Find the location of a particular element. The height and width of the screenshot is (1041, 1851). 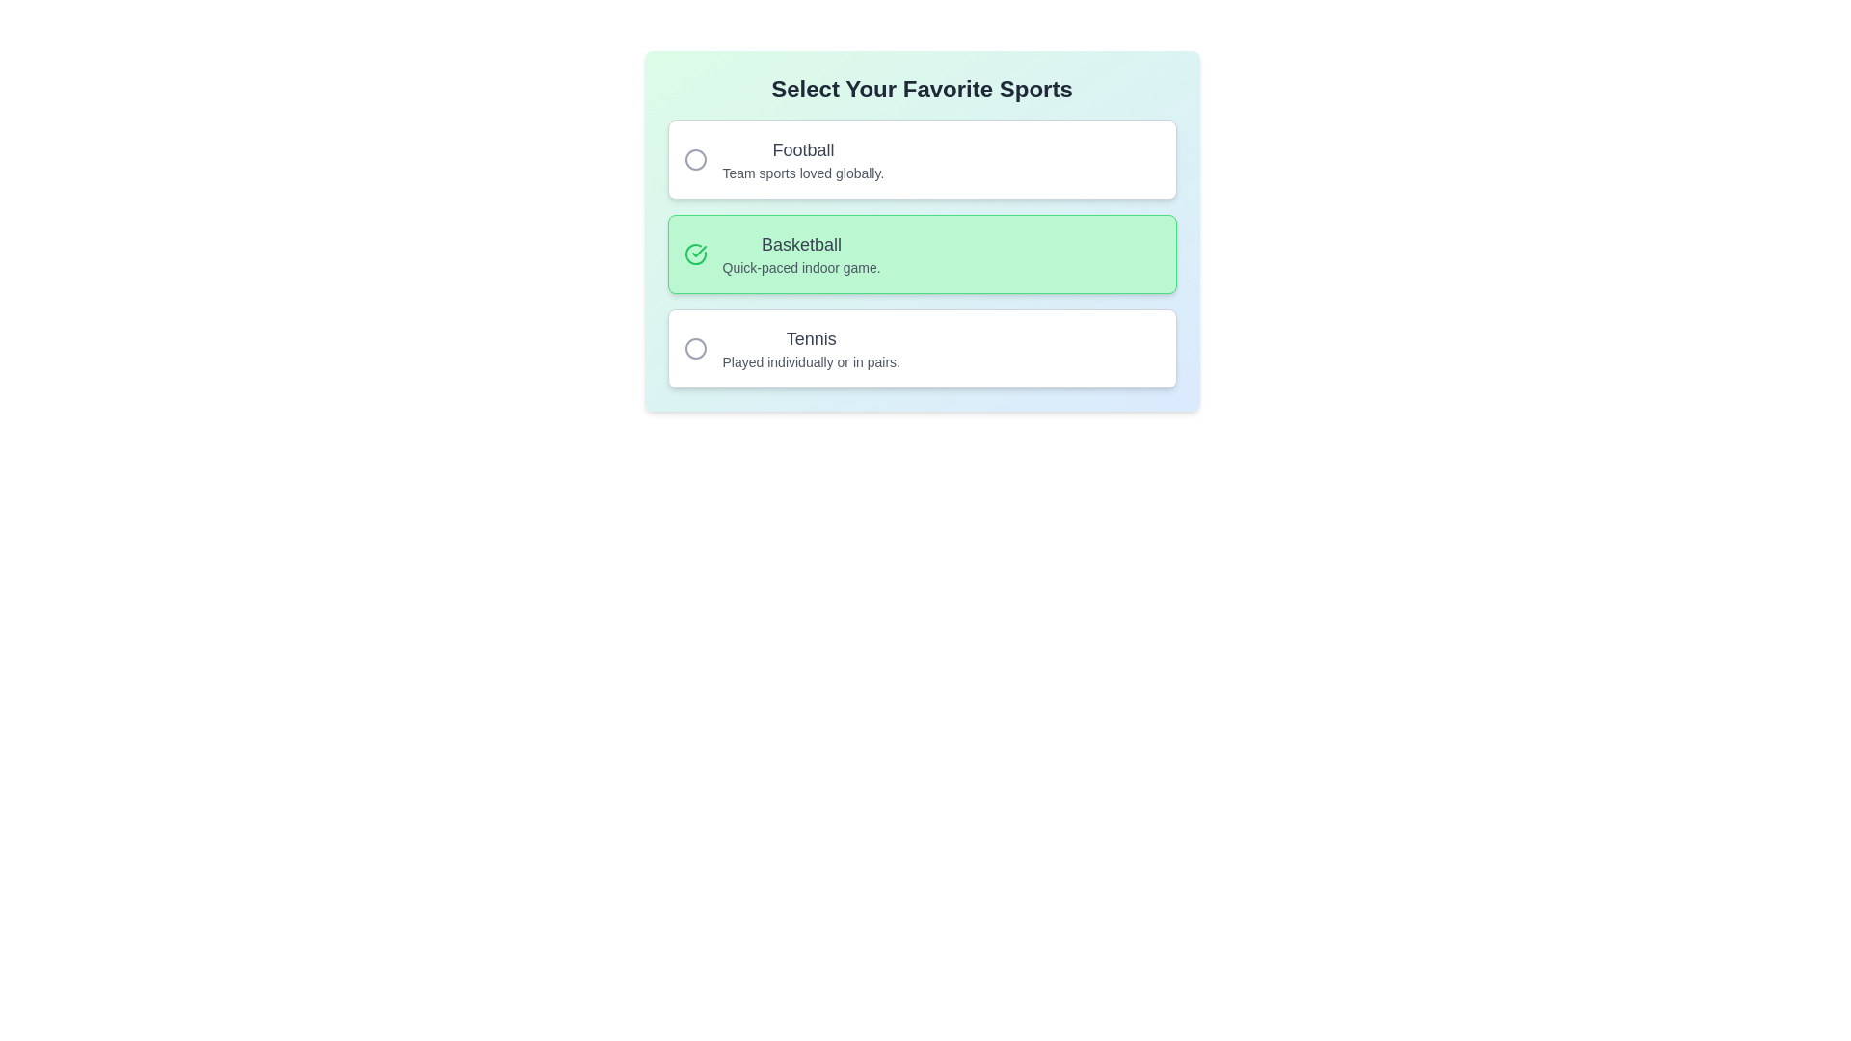

the unselected radio button for the 'Tennis' option to observe potential hover effects is located at coordinates (694, 349).